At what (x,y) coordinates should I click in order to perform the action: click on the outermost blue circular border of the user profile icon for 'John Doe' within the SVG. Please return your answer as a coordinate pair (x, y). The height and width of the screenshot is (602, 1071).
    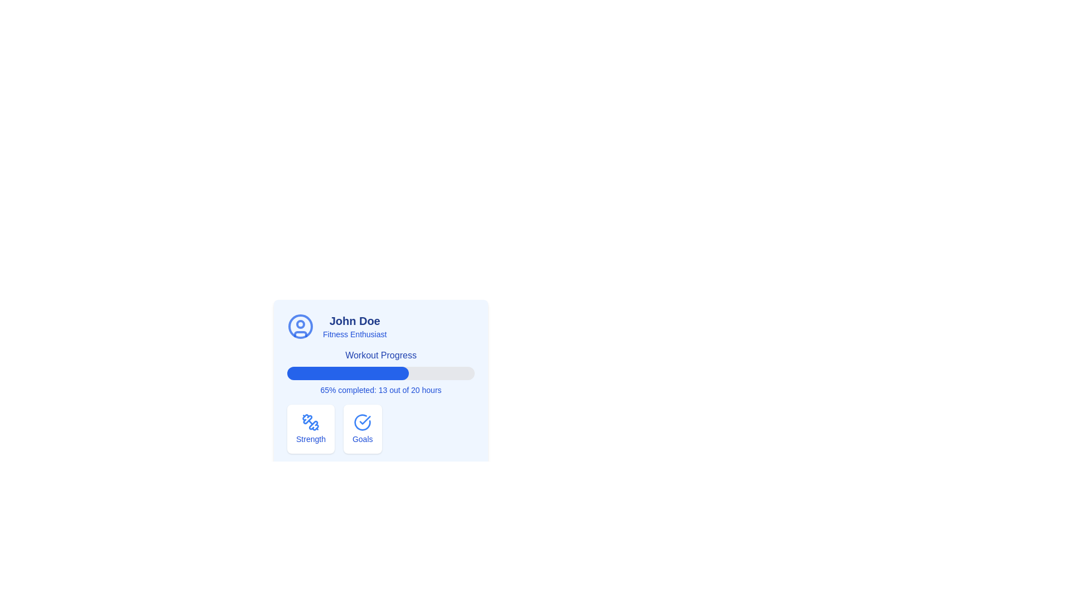
    Looking at the image, I should click on (300, 326).